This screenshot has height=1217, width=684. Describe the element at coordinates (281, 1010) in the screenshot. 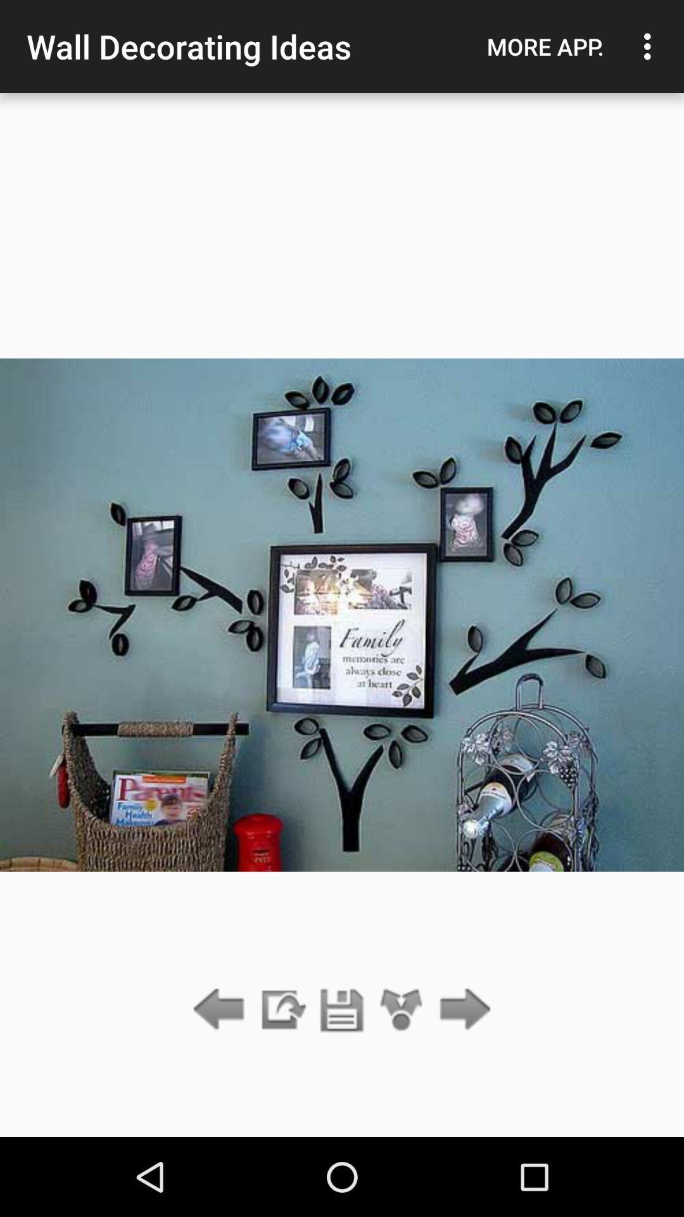

I see `the launch icon` at that location.